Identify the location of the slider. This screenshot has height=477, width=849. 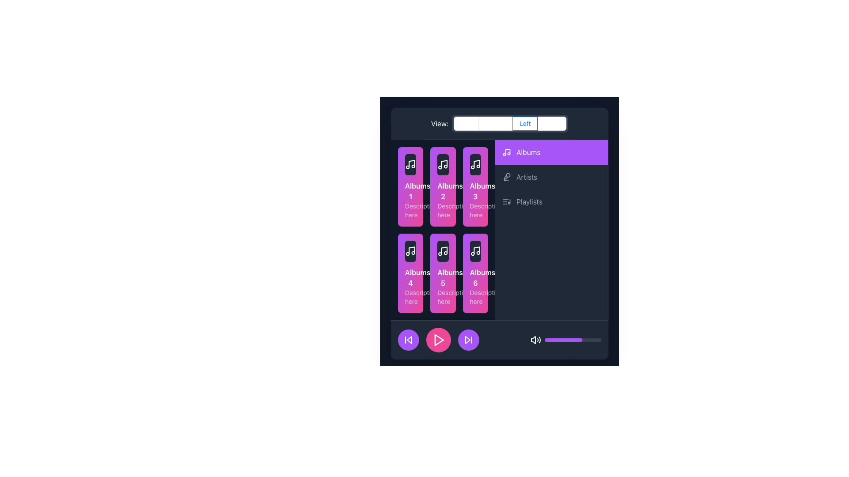
(572, 340).